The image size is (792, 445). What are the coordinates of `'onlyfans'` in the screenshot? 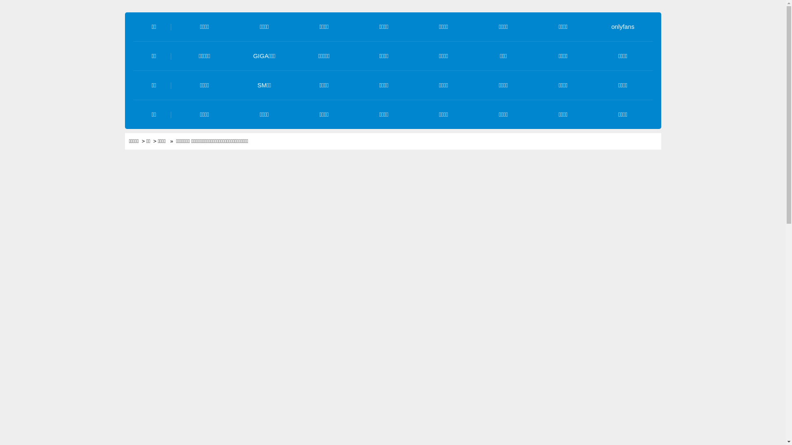 It's located at (623, 26).